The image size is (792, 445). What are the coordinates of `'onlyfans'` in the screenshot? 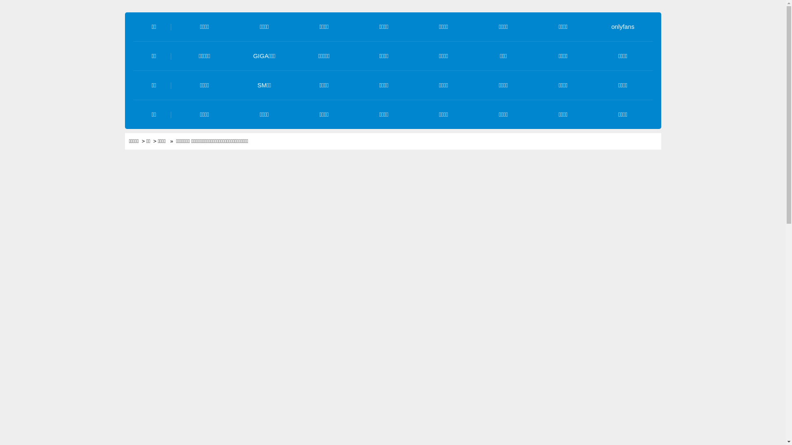 It's located at (623, 26).